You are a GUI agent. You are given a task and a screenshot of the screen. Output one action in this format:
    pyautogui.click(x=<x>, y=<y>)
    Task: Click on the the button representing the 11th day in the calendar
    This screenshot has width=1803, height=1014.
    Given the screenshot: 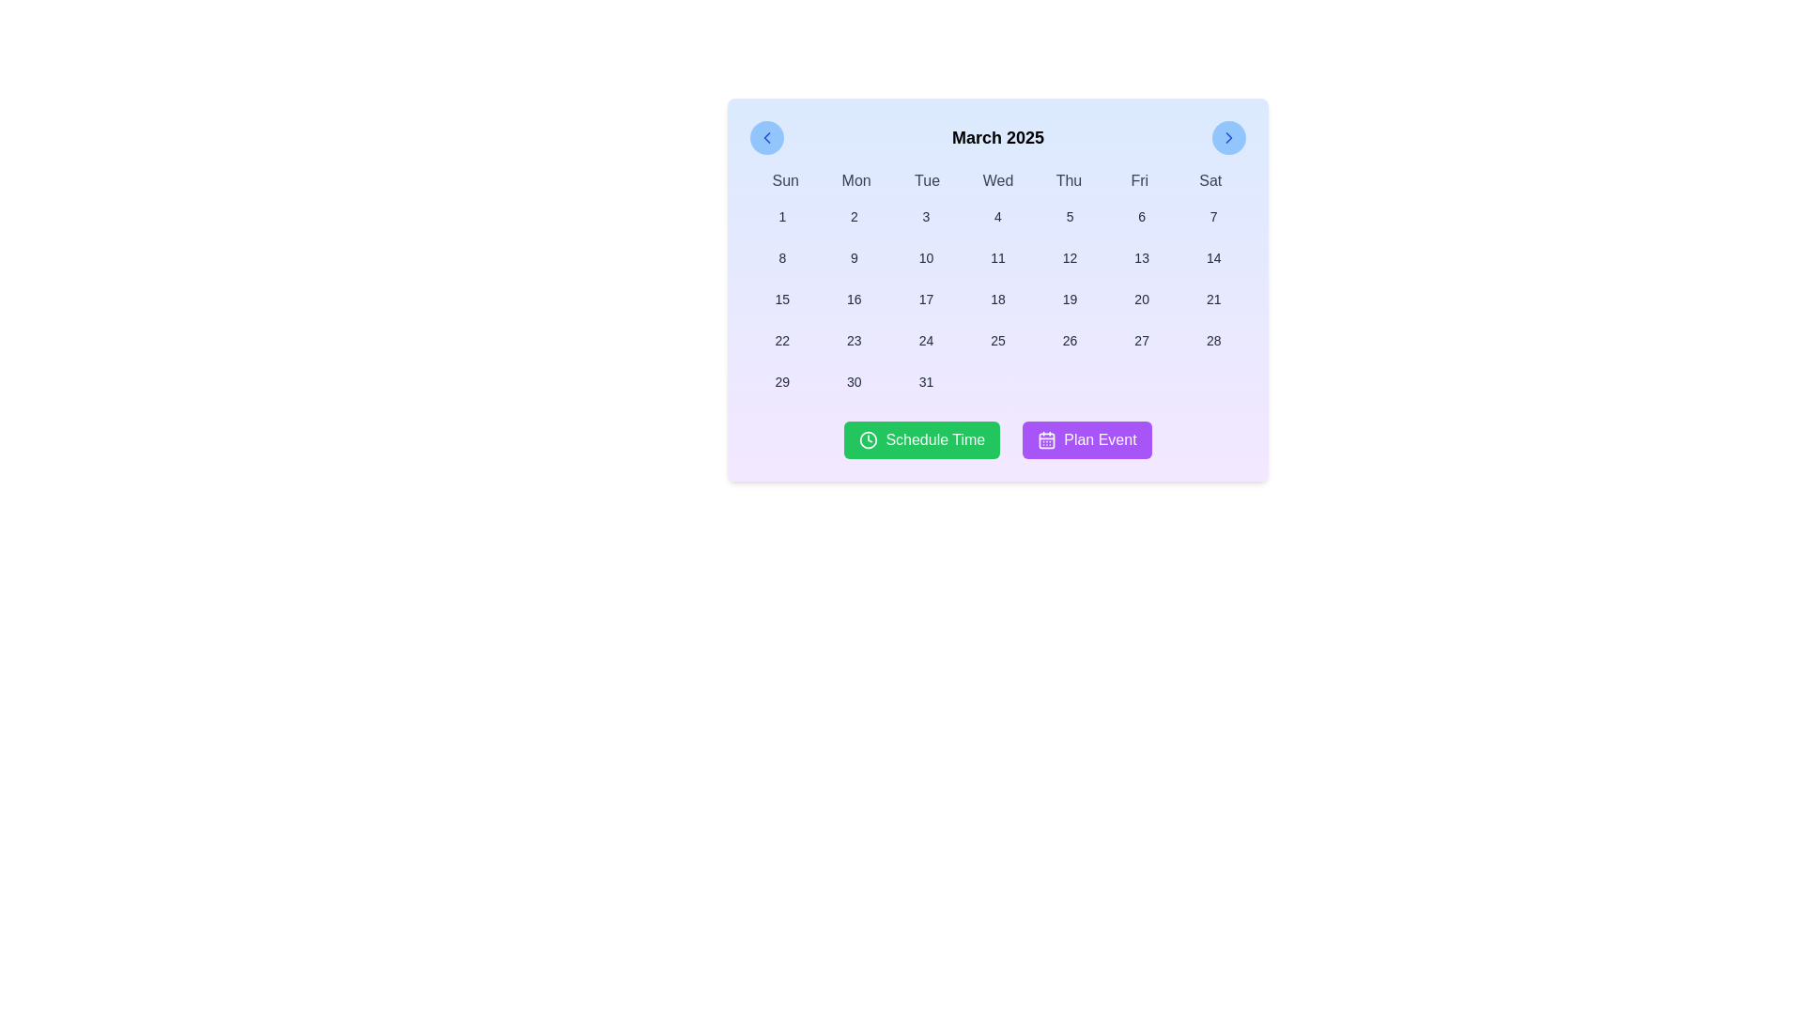 What is the action you would take?
    pyautogui.click(x=996, y=257)
    